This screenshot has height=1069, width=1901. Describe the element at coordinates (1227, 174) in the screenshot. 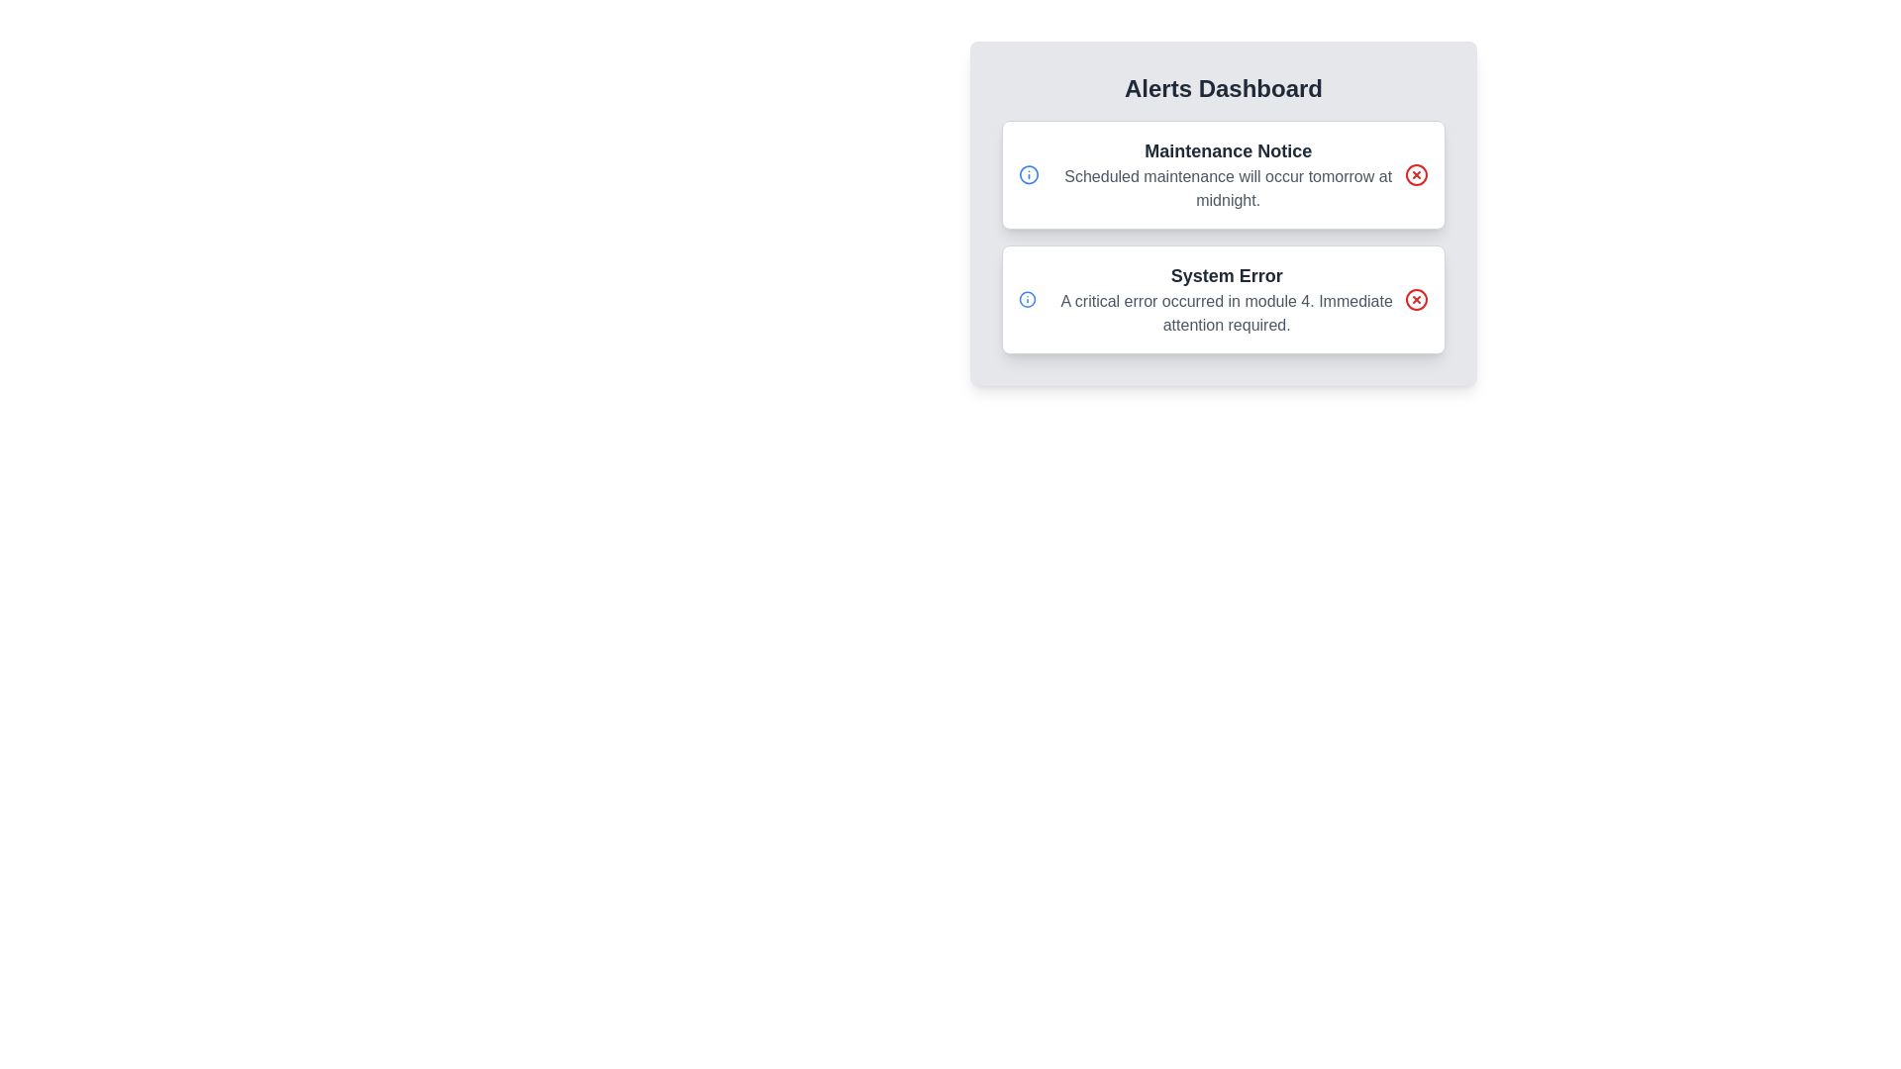

I see `the text block in the first notification card within the Alerts Dashboard that provides information about scheduled maintenance` at that location.